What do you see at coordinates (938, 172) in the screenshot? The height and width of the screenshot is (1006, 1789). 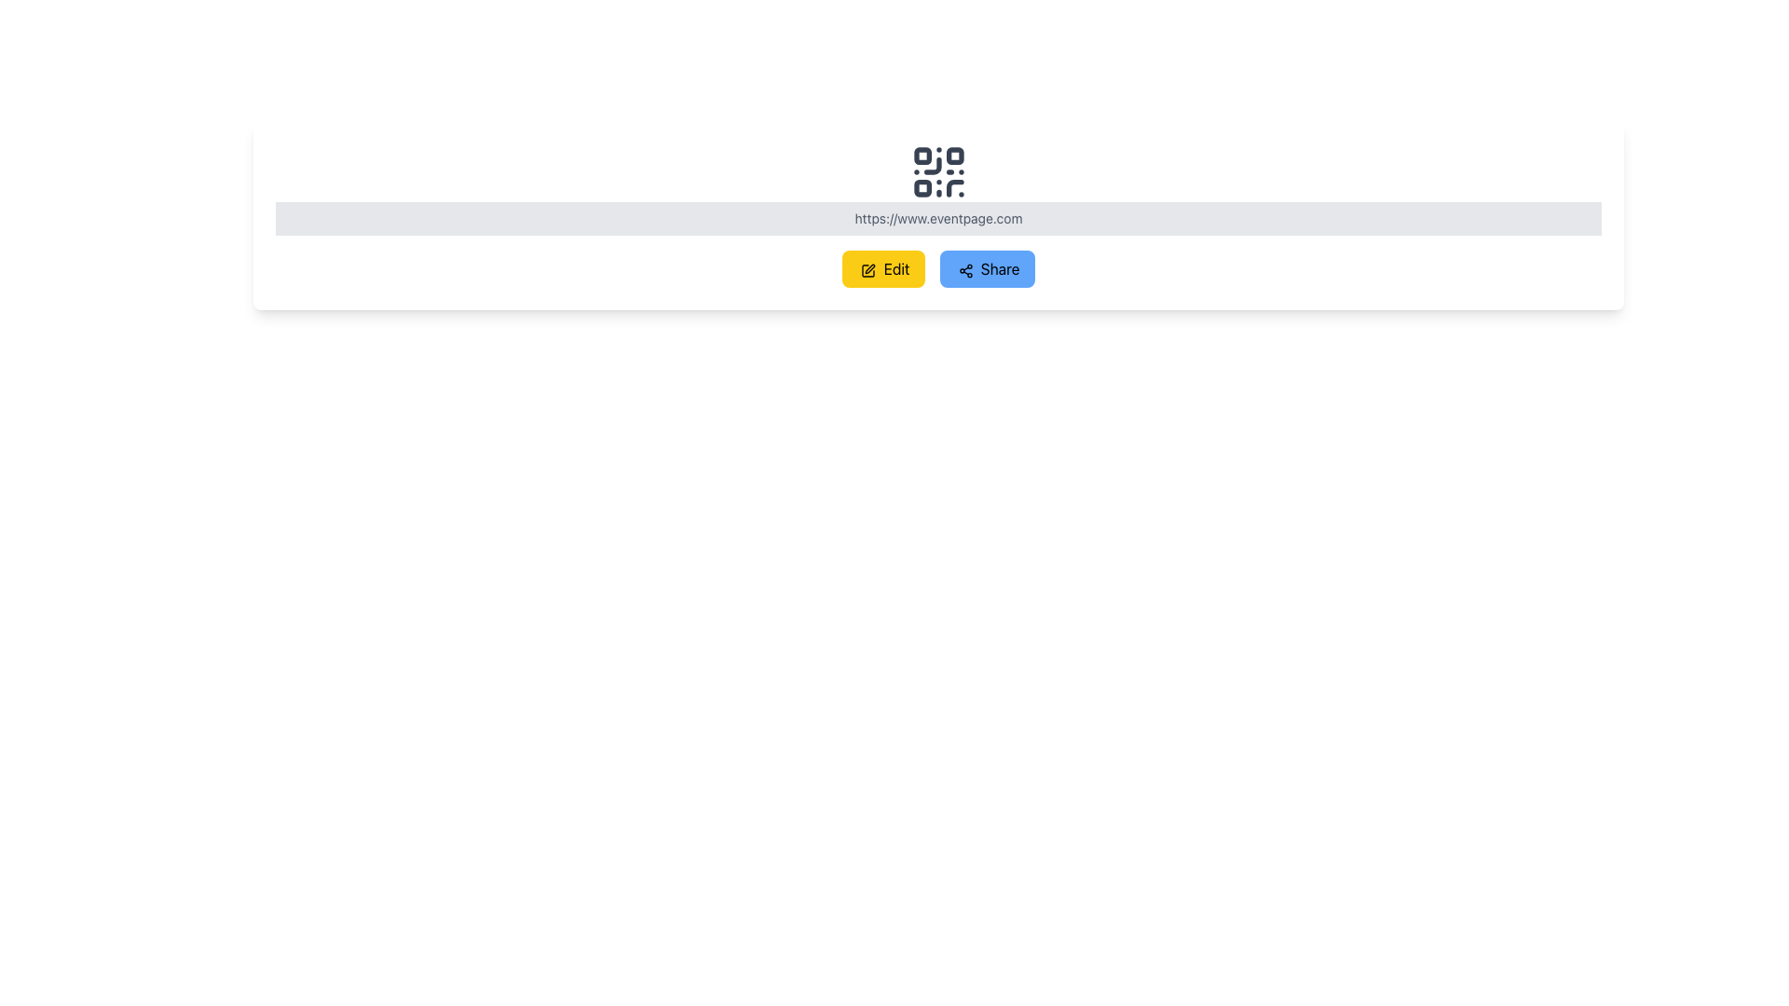 I see `the QR code element located at the top portion of the page, centered horizontally, just above the light gray background area containing the hyperlink` at bounding box center [938, 172].